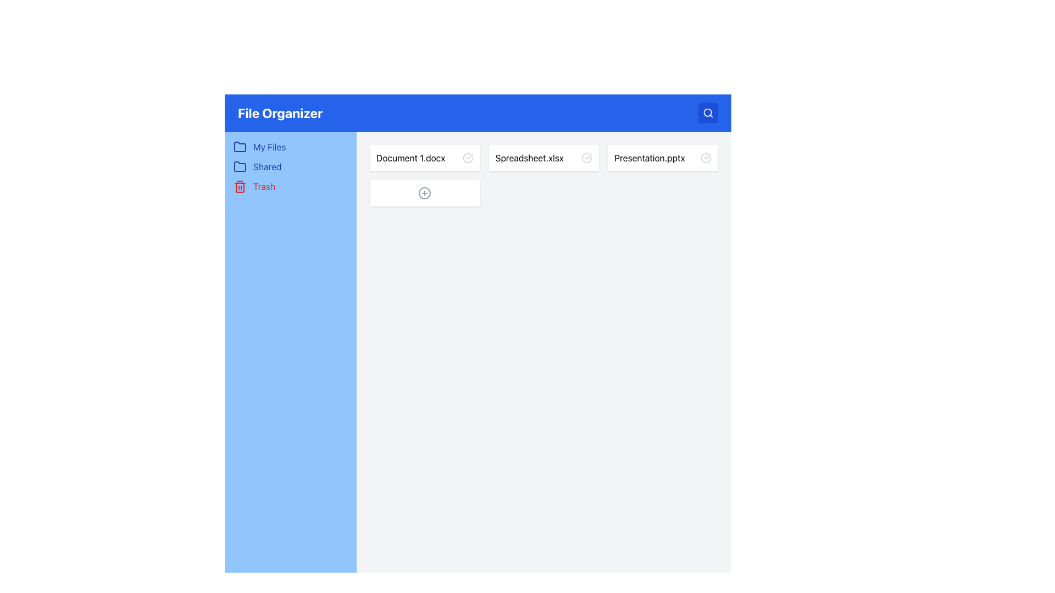  I want to click on the 'Trash' menu item, which features a red trash bin icon and is located below the 'Shared' list item, so click(290, 186).